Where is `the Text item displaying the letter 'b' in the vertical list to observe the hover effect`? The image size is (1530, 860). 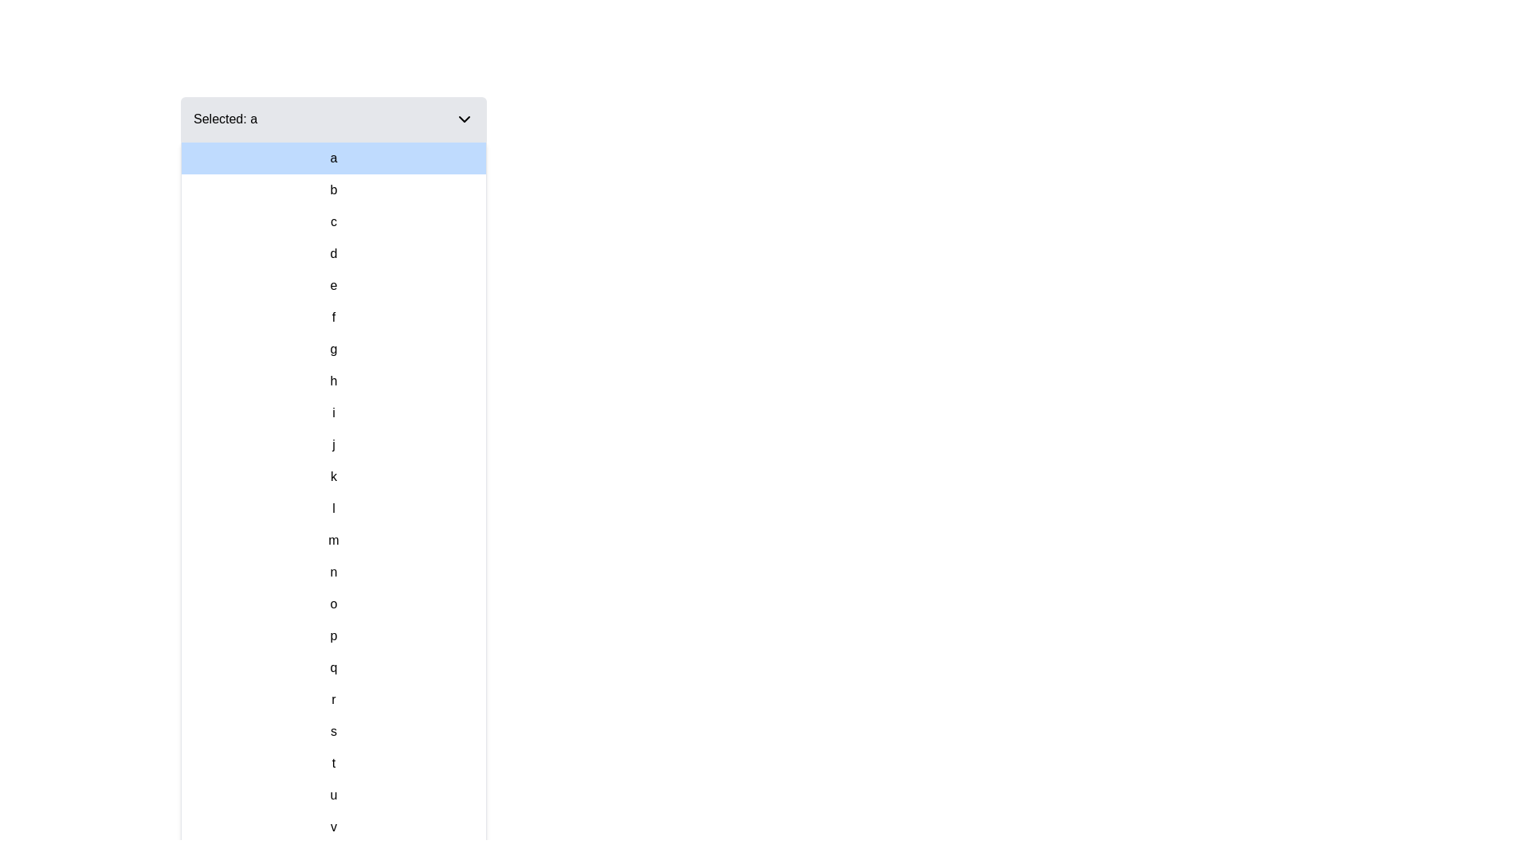 the Text item displaying the letter 'b' in the vertical list to observe the hover effect is located at coordinates (332, 190).